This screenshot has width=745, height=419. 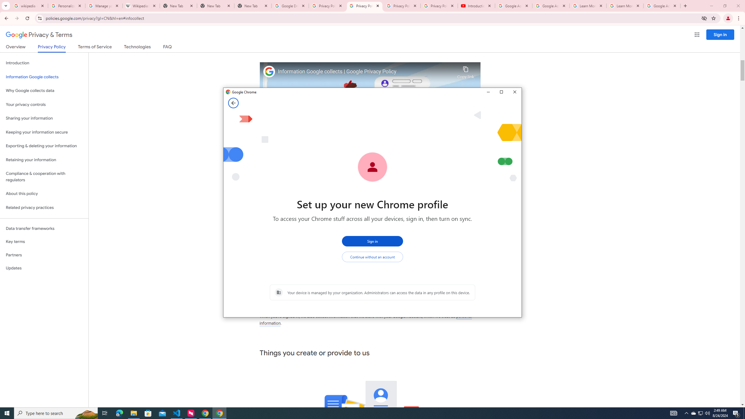 What do you see at coordinates (269, 71) in the screenshot?
I see `'Photo image of Google'` at bounding box center [269, 71].